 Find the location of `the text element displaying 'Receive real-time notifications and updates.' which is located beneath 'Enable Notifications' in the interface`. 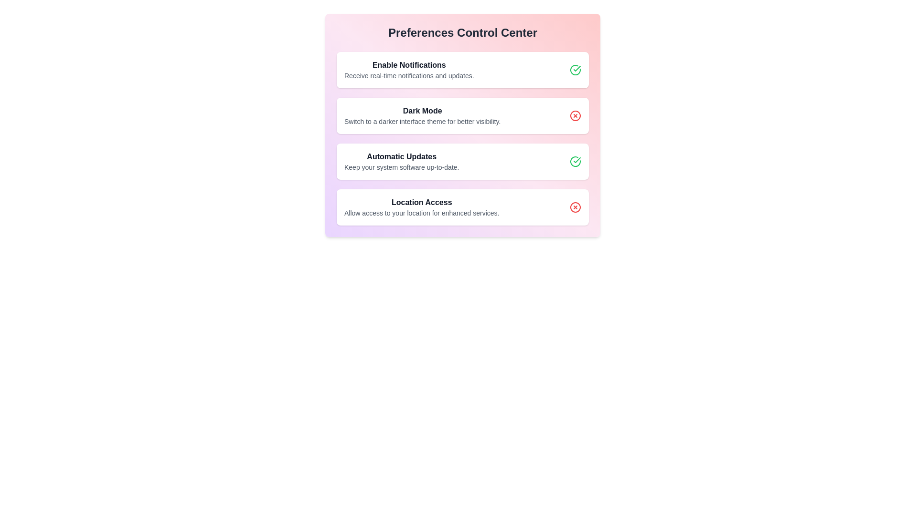

the text element displaying 'Receive real-time notifications and updates.' which is located beneath 'Enable Notifications' in the interface is located at coordinates (409, 75).